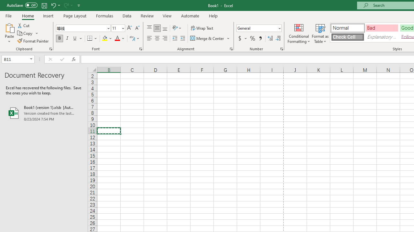 The width and height of the screenshot is (414, 232). I want to click on 'Bottom Align', so click(165, 28).